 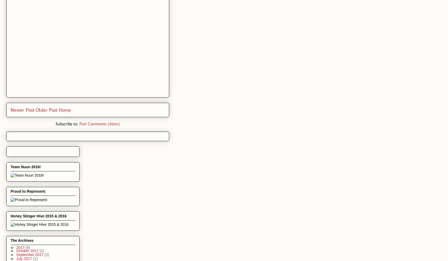 What do you see at coordinates (67, 124) in the screenshot?
I see `'Subscribe to:'` at bounding box center [67, 124].